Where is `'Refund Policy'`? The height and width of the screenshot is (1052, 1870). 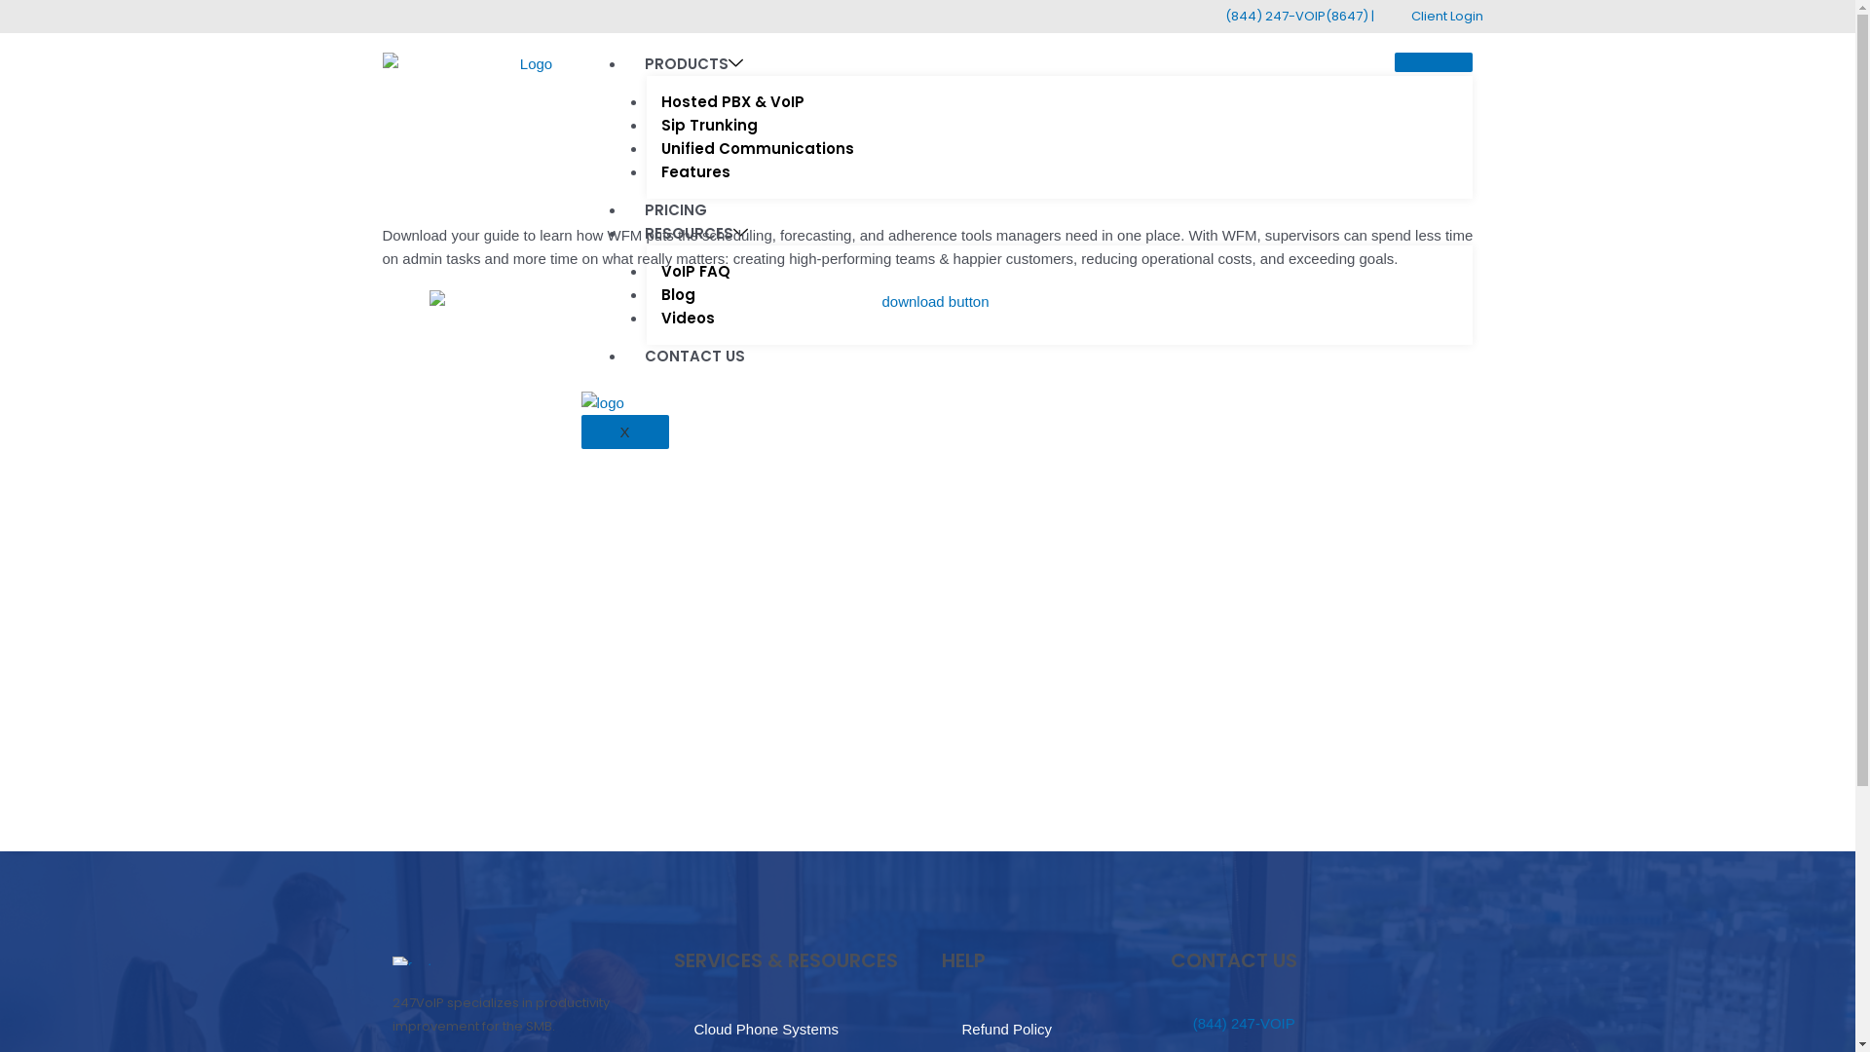
'Refund Policy' is located at coordinates (1006, 1028).